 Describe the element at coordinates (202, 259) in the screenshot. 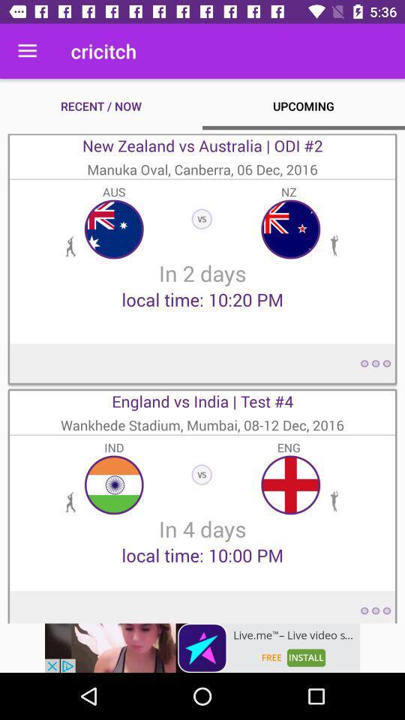

I see `the table below the upcoming` at that location.